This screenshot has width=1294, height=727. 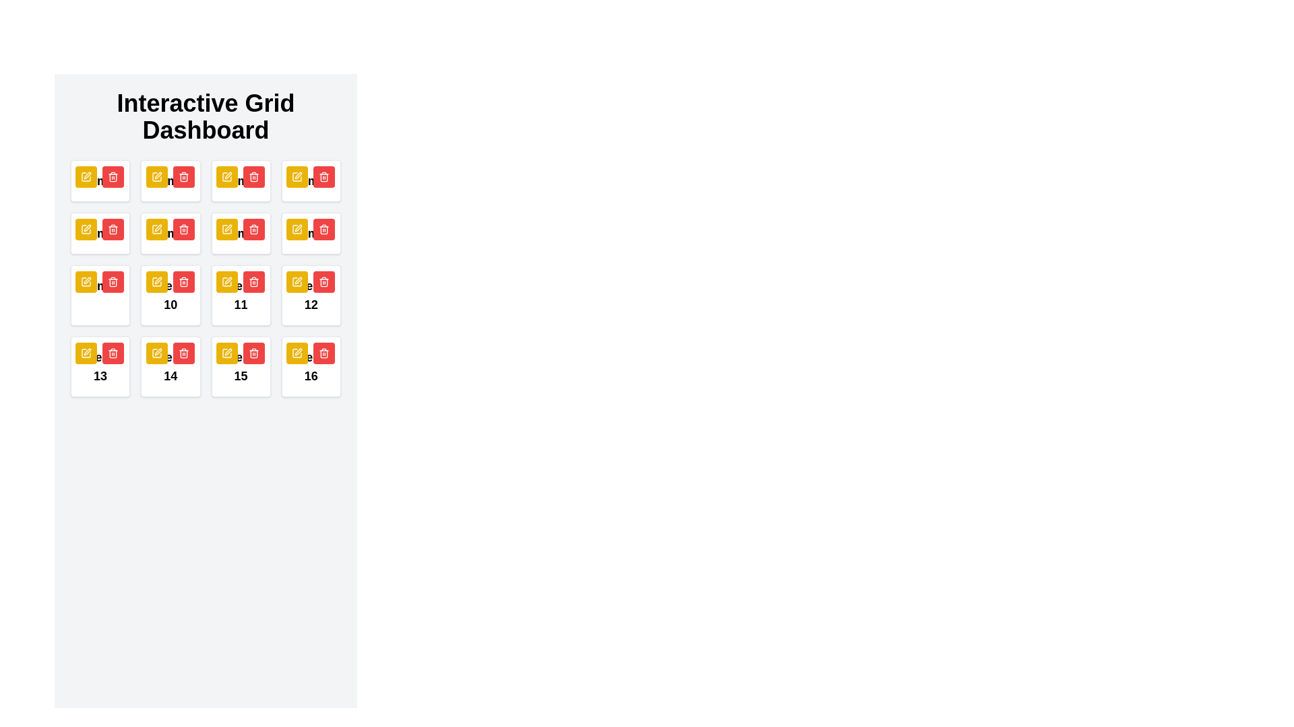 What do you see at coordinates (253, 281) in the screenshot?
I see `the delete button located to the right of the yellow edit button in the top-right corner of the card` at bounding box center [253, 281].